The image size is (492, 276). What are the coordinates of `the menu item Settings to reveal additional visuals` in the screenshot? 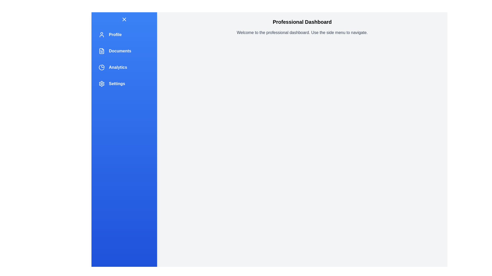 It's located at (124, 83).